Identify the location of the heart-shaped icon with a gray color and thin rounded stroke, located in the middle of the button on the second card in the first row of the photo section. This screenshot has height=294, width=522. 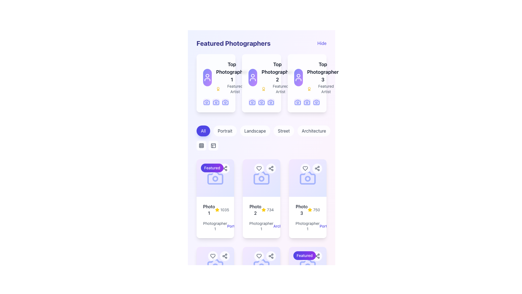
(259, 168).